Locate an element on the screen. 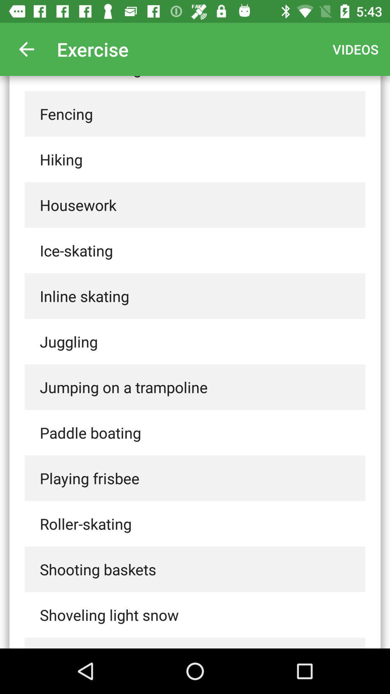 The image size is (390, 694). icon to the left of exercise is located at coordinates (26, 49).